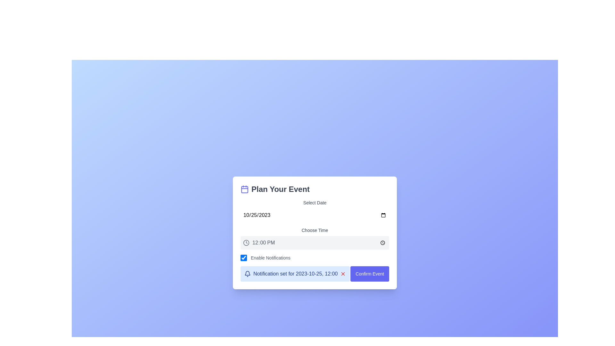 The image size is (615, 346). What do you see at coordinates (315, 211) in the screenshot?
I see `the 'Select Date' input field to enable editing of the date` at bounding box center [315, 211].